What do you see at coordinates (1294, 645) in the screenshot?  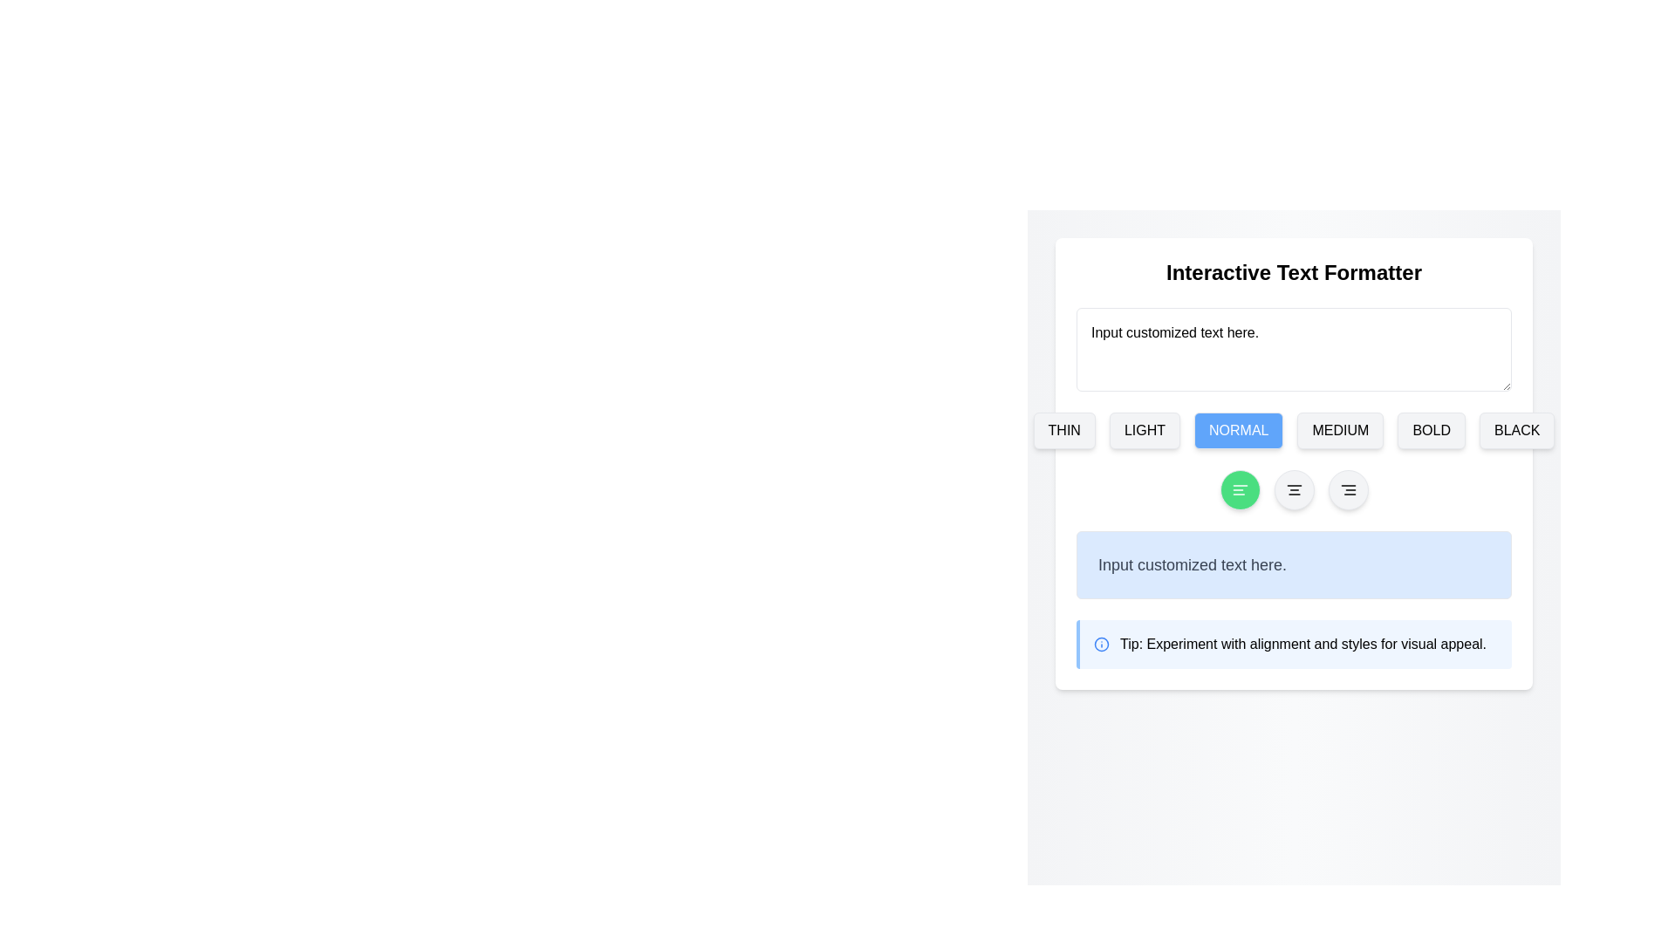 I see `the blue-tinted rectangular informative banner containing the info icon and the text 'Tip: Experiment with alignment and styles for visual appeal.'` at bounding box center [1294, 645].